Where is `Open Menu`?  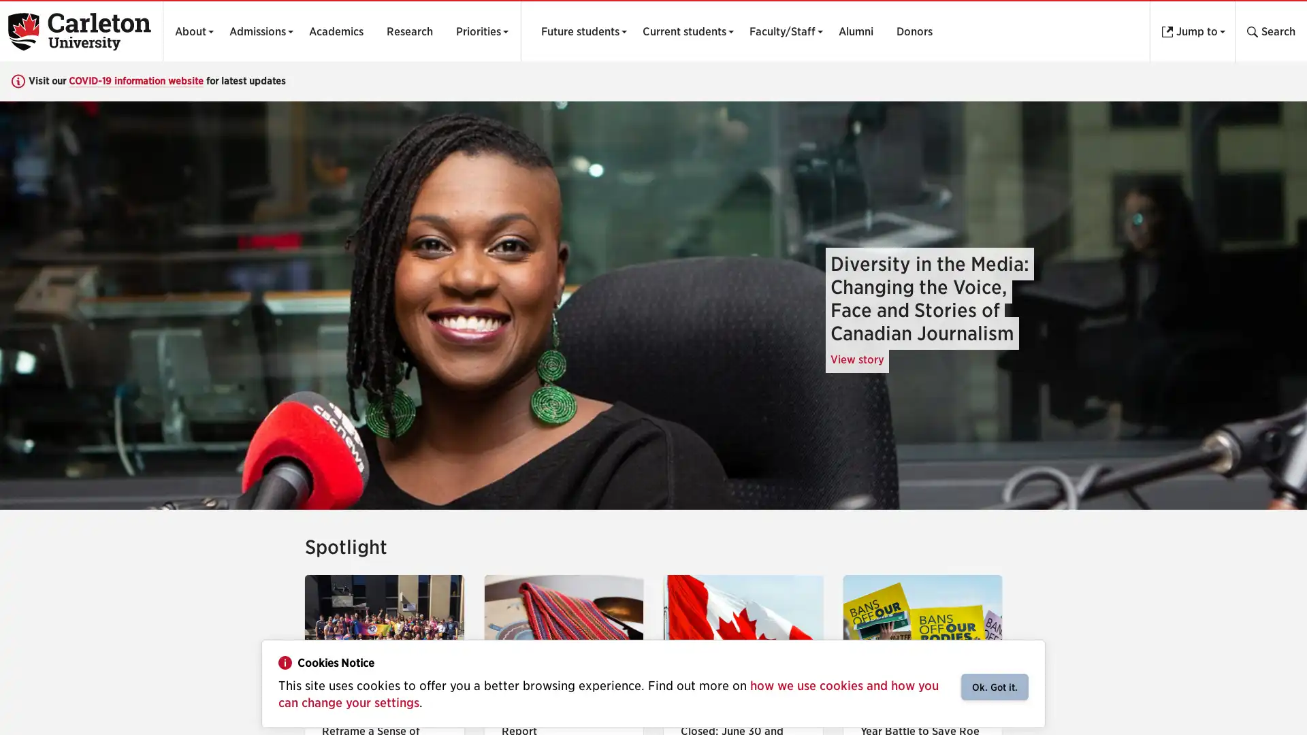 Open Menu is located at coordinates (478, 31).